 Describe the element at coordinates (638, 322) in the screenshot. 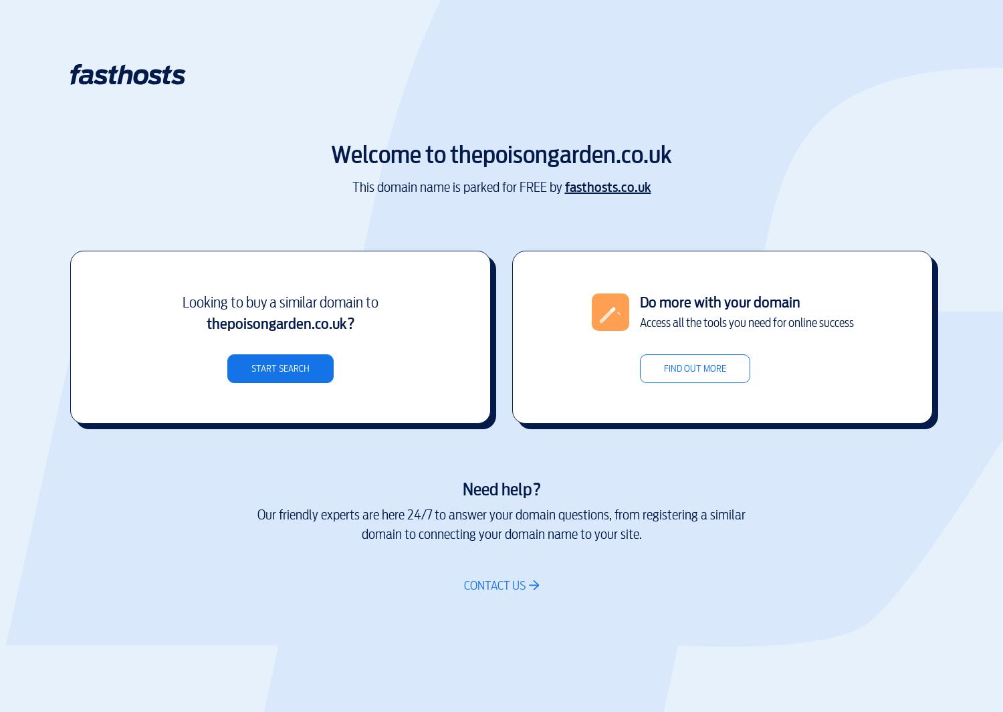

I see `'Access all the tools you need for online success'` at that location.